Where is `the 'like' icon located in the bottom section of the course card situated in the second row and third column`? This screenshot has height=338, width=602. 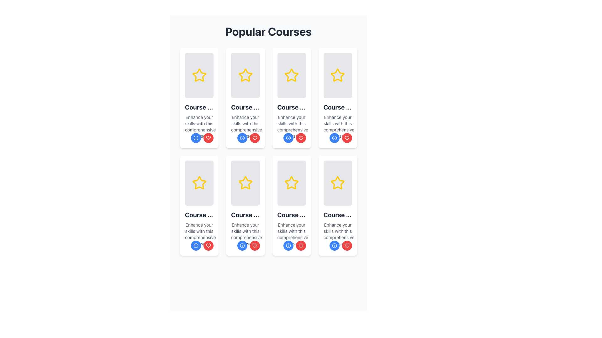 the 'like' icon located in the bottom section of the course card situated in the second row and third column is located at coordinates (300, 137).